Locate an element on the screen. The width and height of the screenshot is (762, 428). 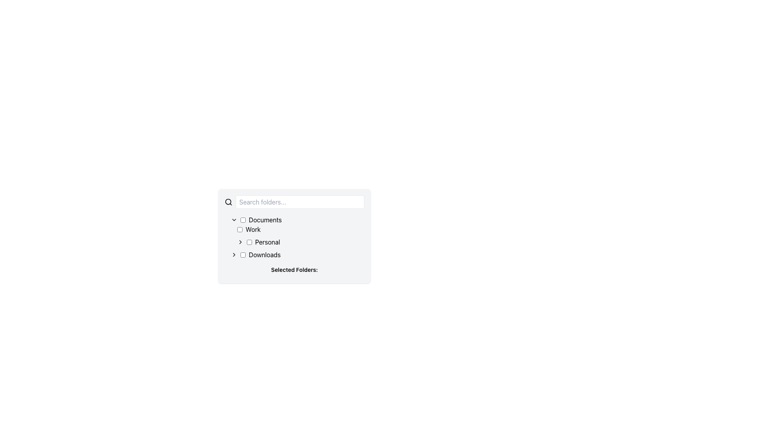
the checkbox for the 'Work' folder, which is the first item in a horizontal group within the file-selection structure located in the lower-right area of the interface, to trigger hover effects is located at coordinates (239, 229).